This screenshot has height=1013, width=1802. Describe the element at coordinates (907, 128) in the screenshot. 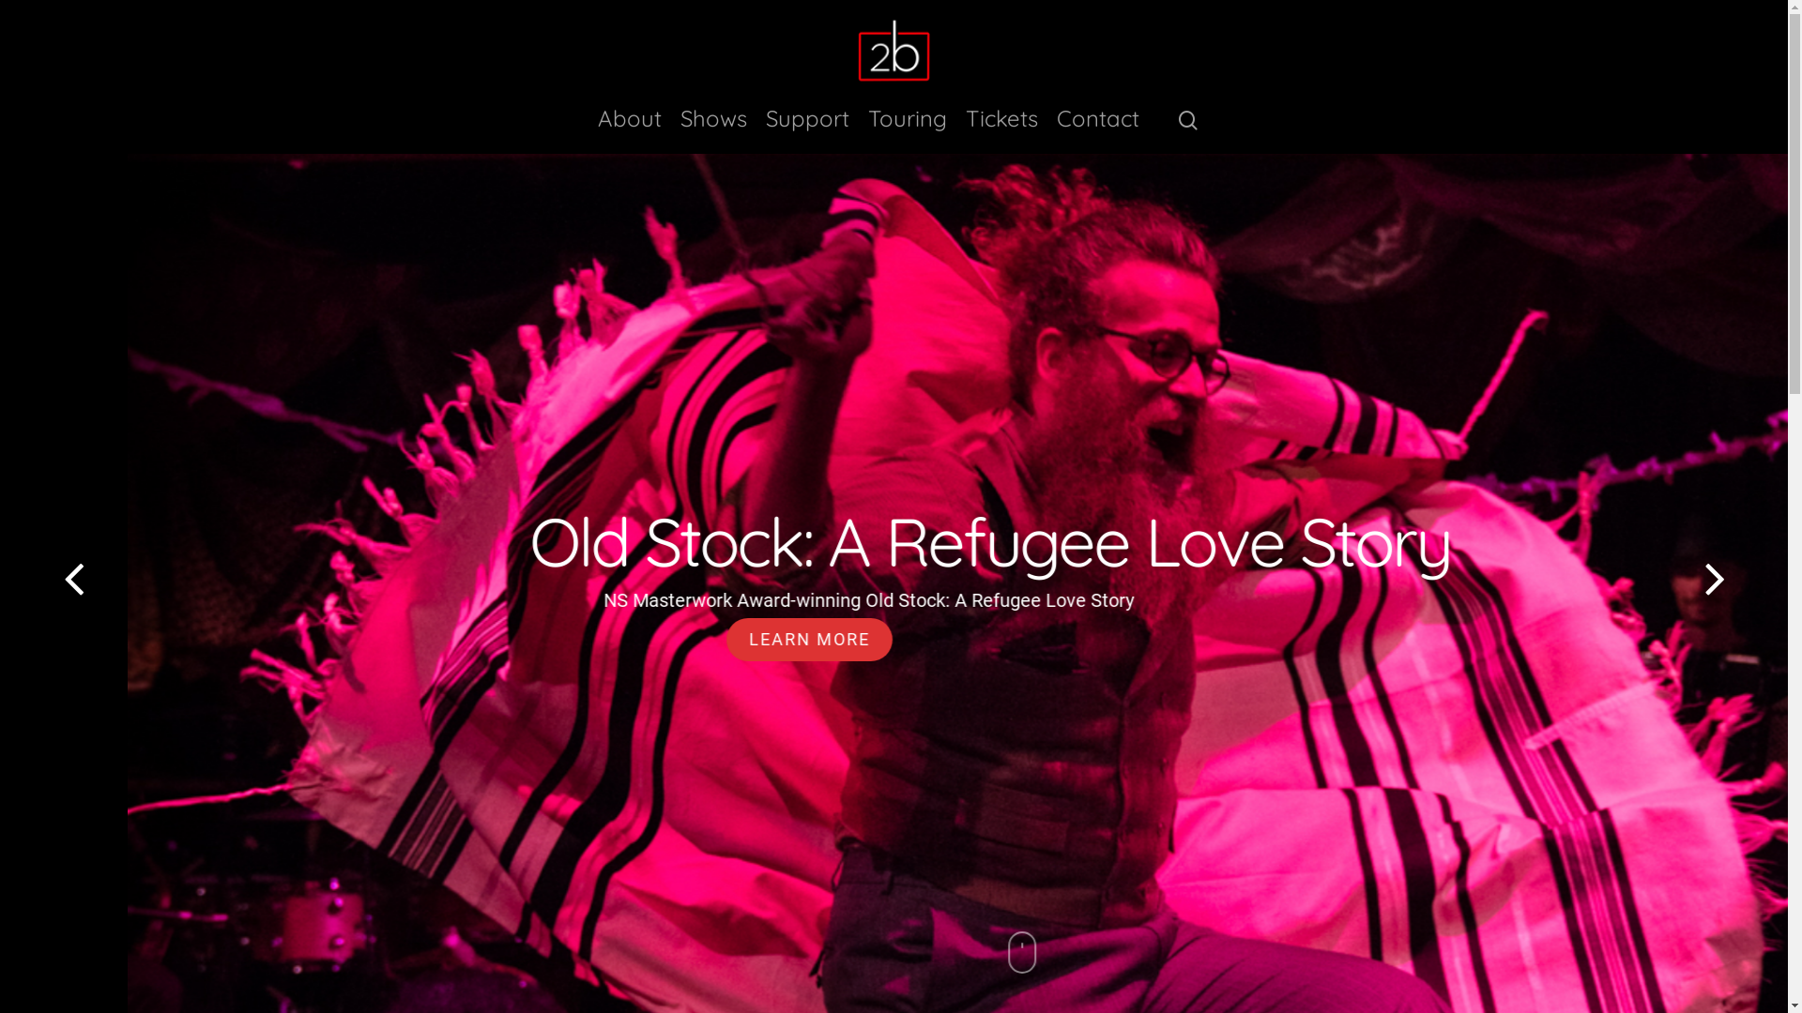

I see `'Touring'` at that location.